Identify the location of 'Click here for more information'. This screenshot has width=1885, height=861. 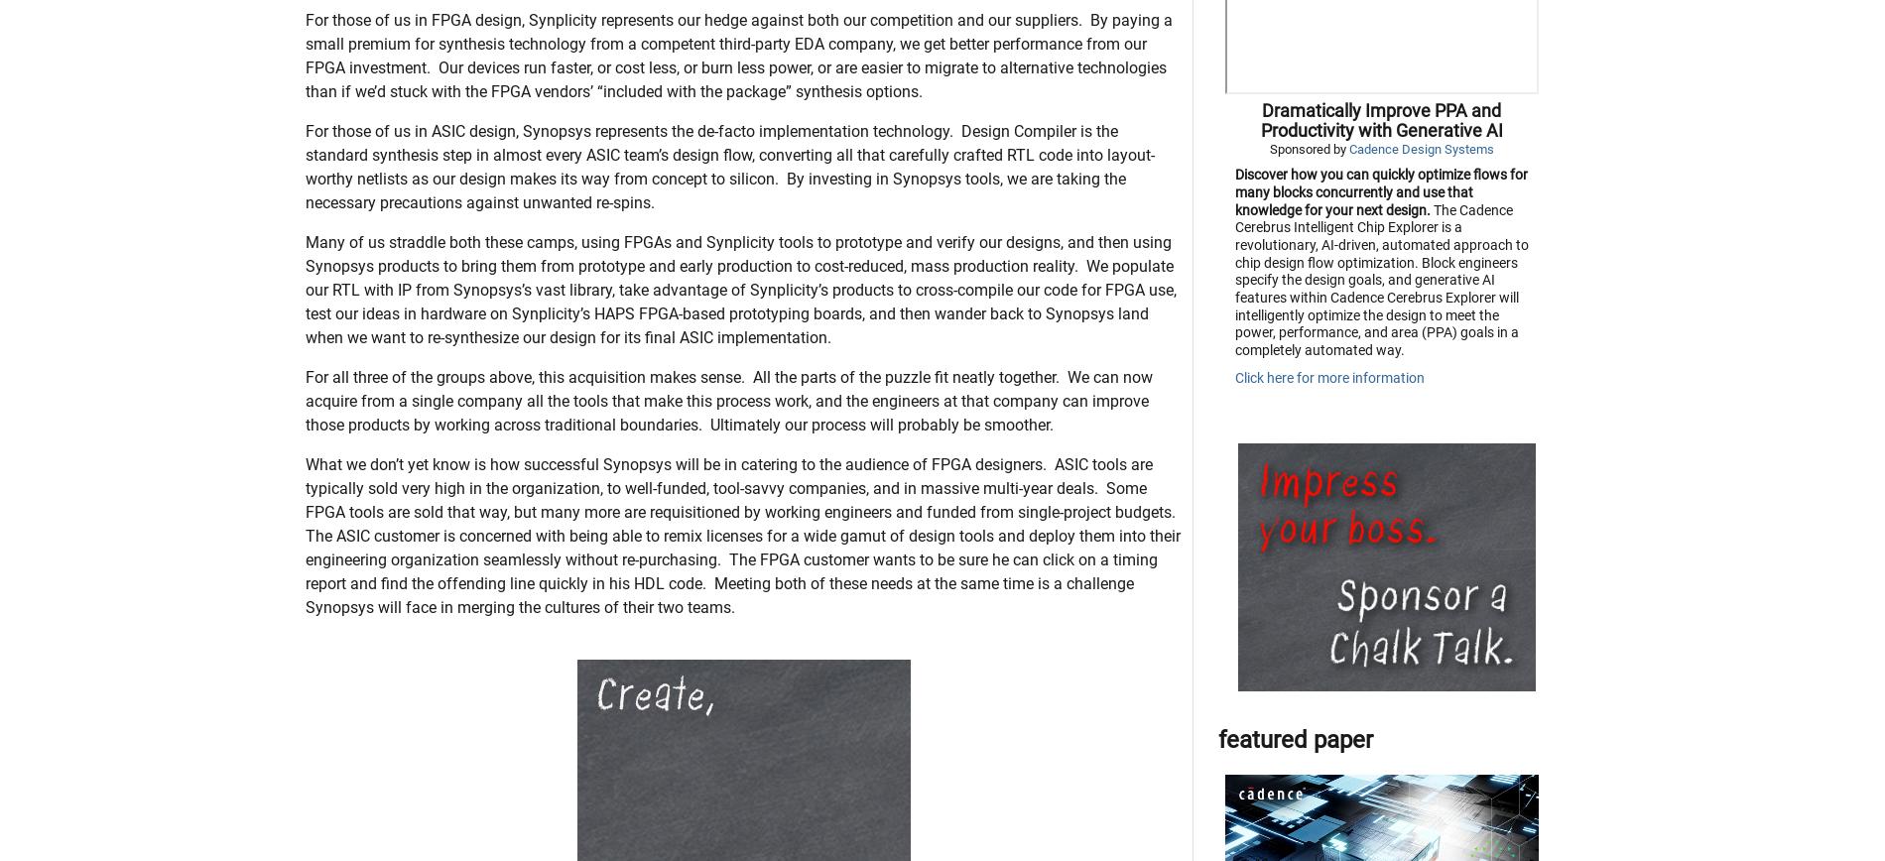
(1327, 476).